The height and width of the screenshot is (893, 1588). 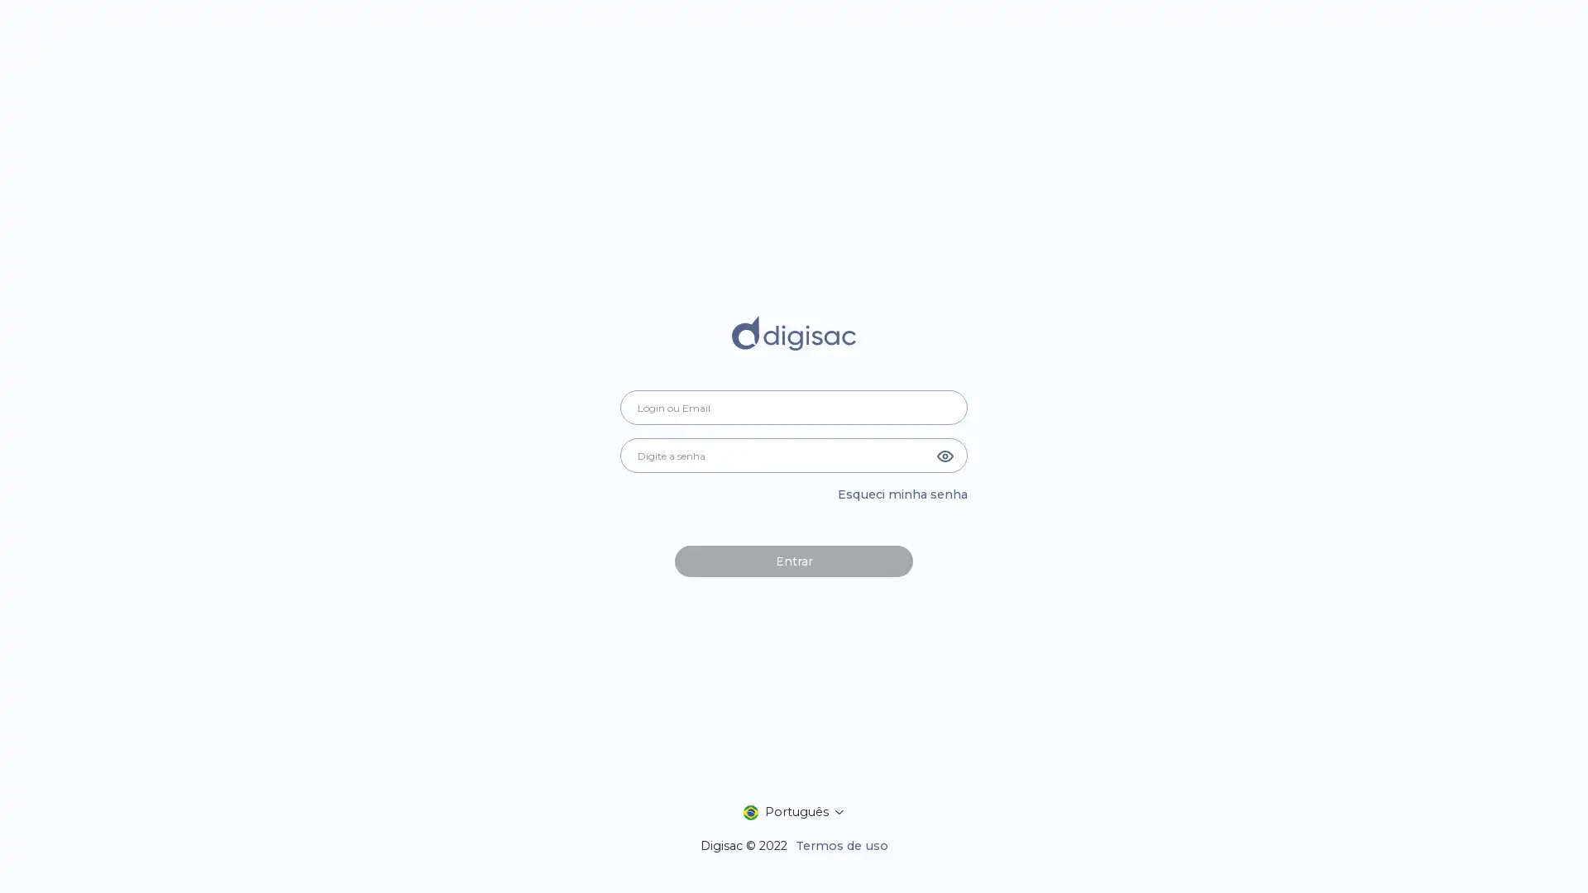 I want to click on Entrar, so click(x=794, y=560).